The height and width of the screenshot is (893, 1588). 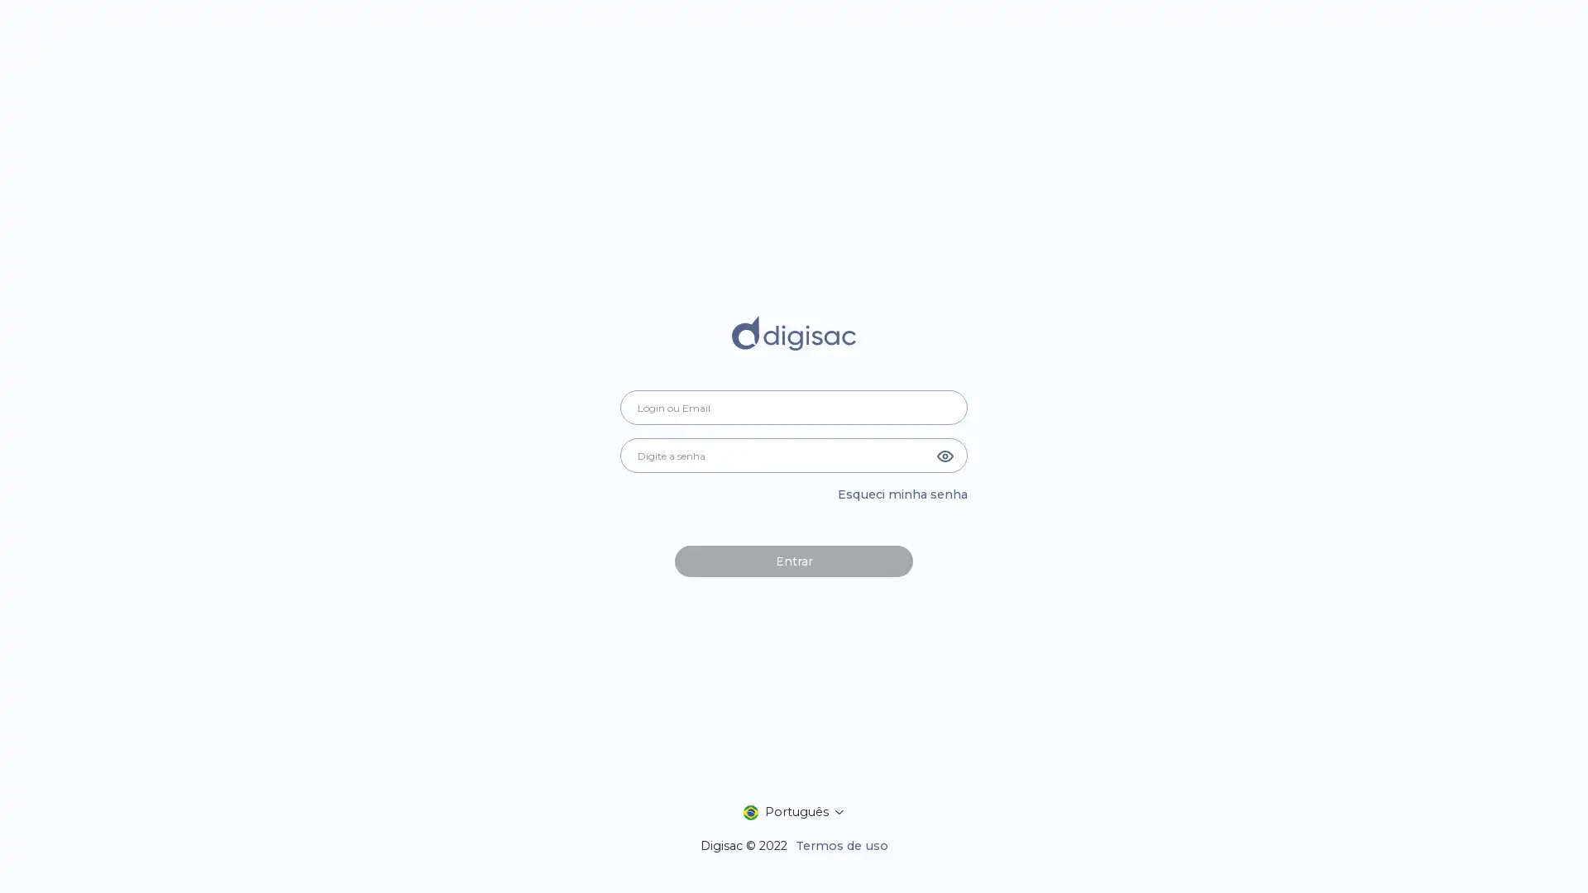 I want to click on Entrar, so click(x=794, y=560).